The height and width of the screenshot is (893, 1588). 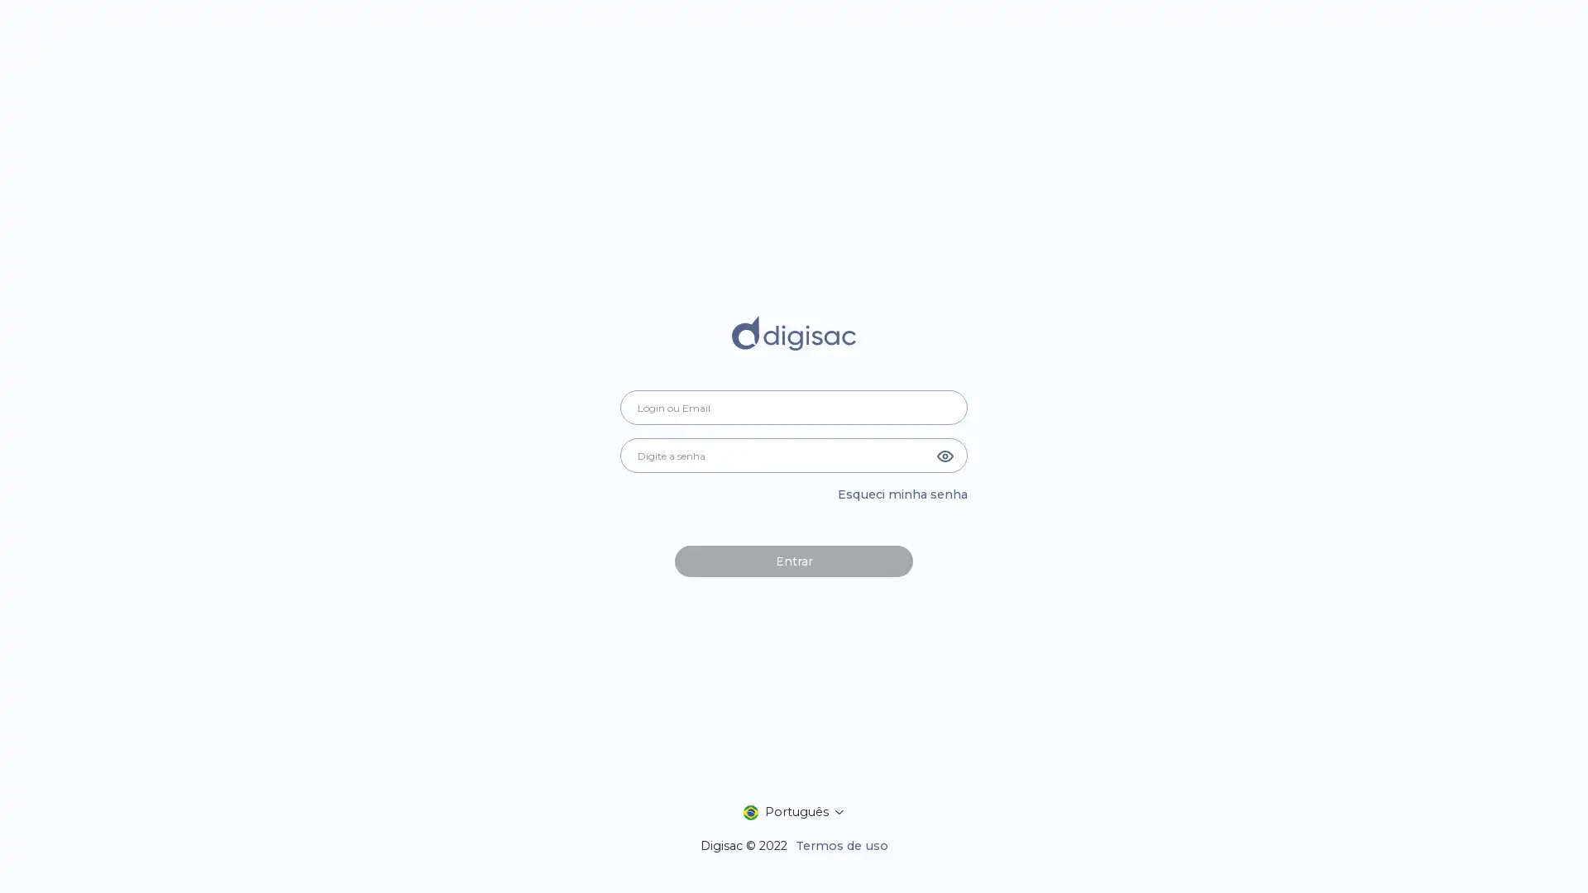 I want to click on Entrar, so click(x=794, y=560).